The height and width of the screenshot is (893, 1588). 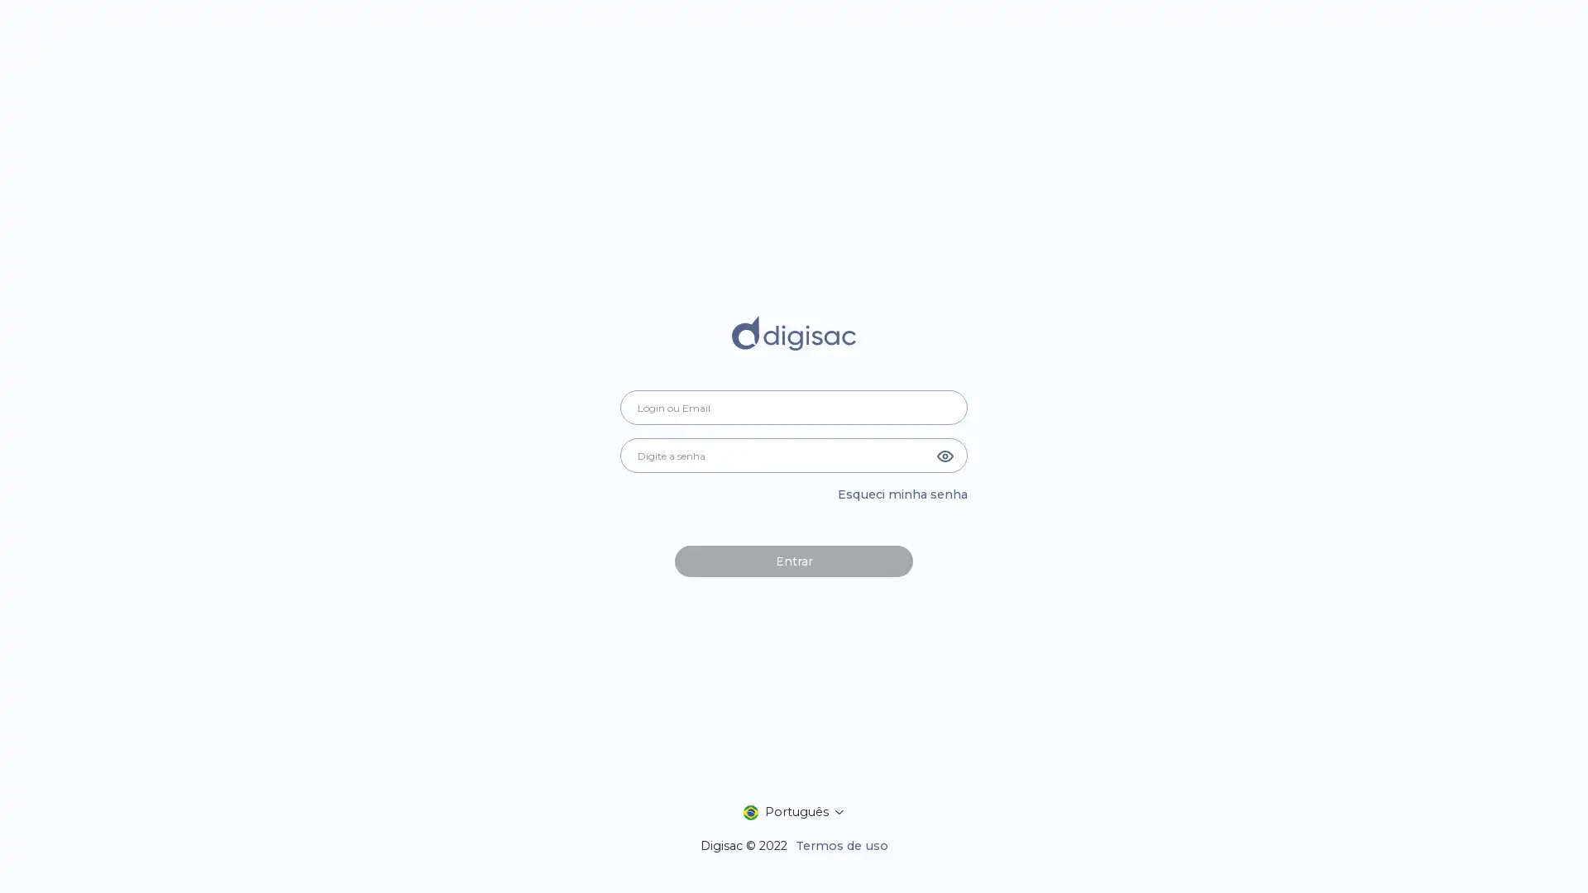 I want to click on Entrar, so click(x=794, y=560).